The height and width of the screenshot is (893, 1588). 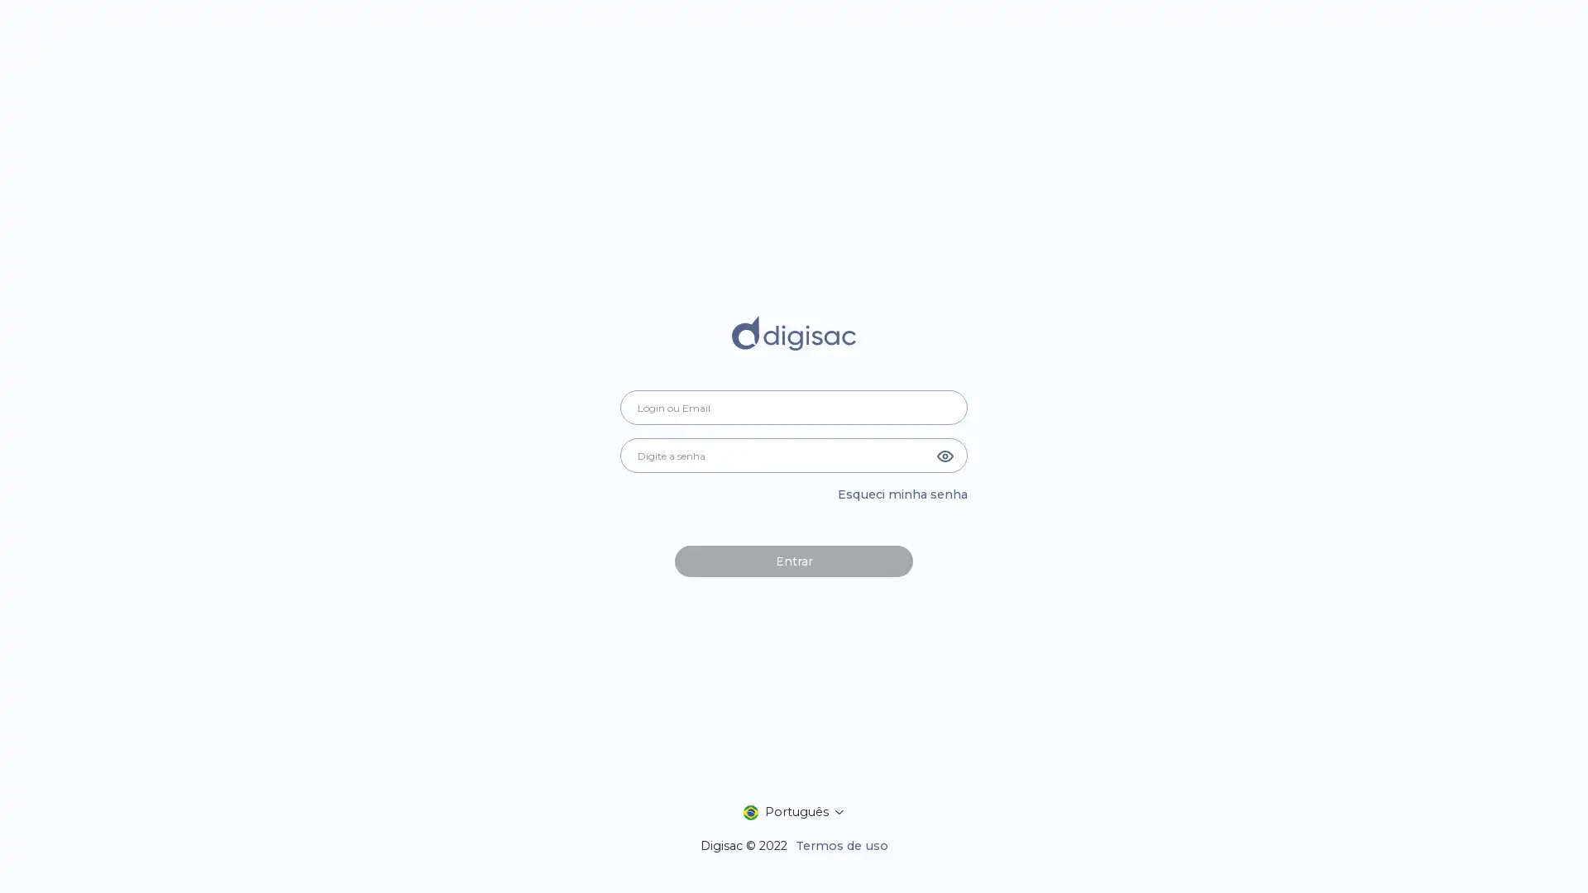 I want to click on Entrar, so click(x=794, y=560).